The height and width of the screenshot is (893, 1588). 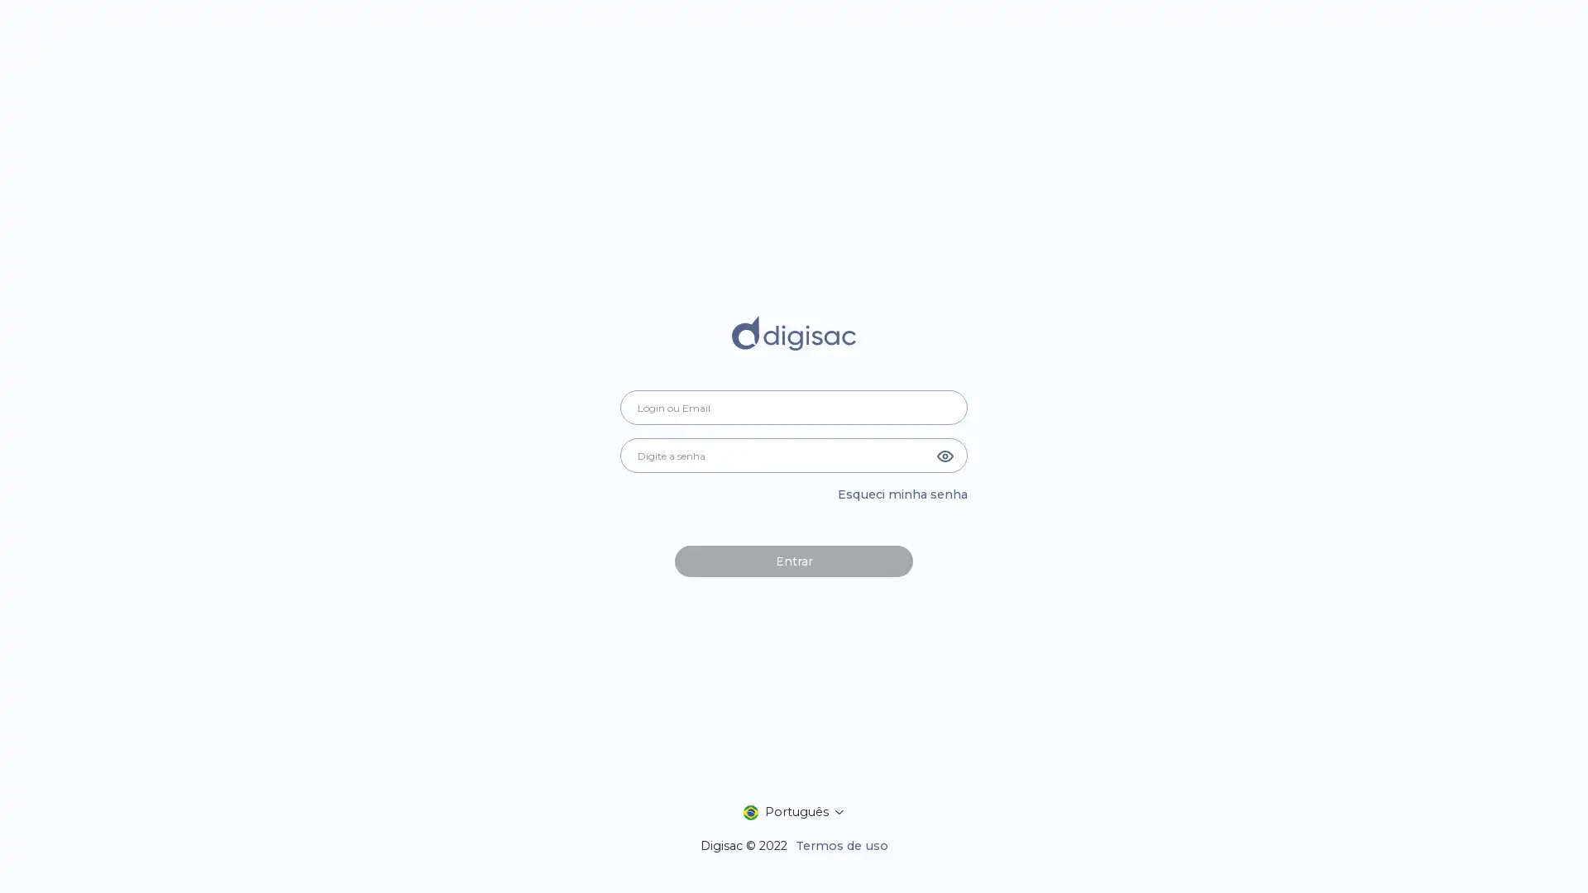 I want to click on Entrar, so click(x=794, y=560).